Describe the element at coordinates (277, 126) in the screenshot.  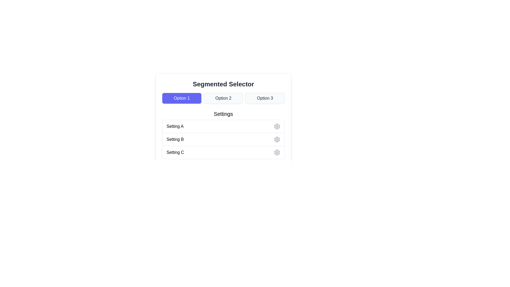
I see `the gear-shaped settings icon located to the right of the 'Setting A' label` at that location.